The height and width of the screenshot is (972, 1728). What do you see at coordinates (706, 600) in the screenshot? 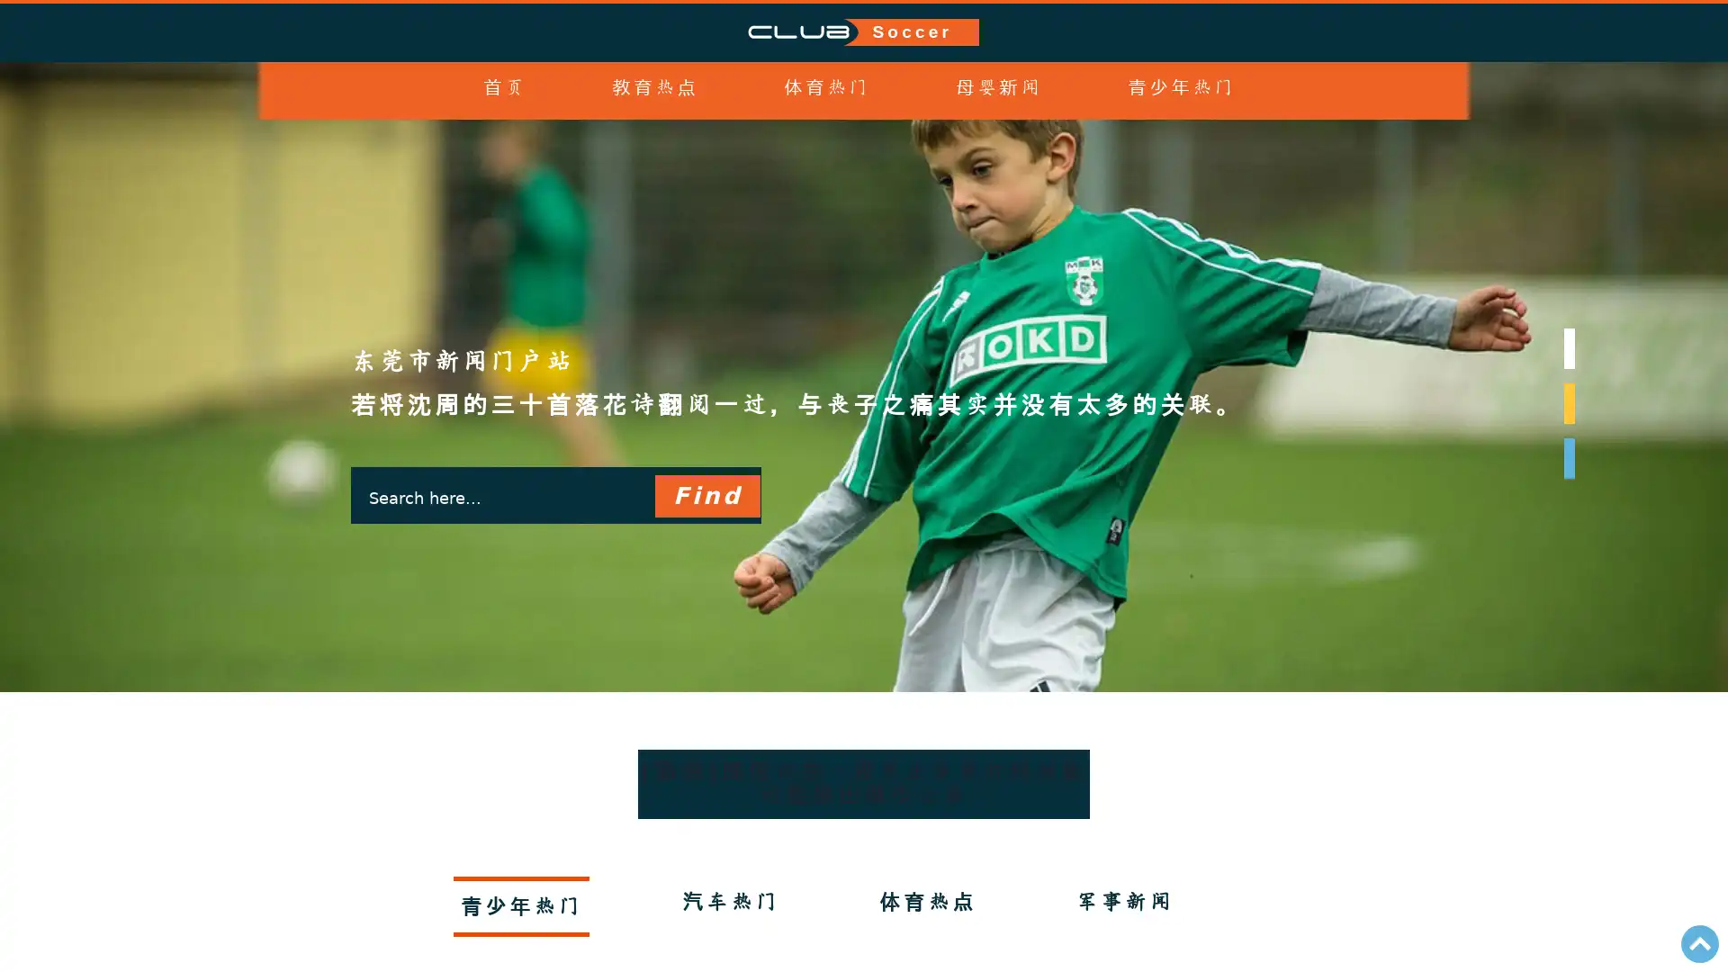
I see `Find` at bounding box center [706, 600].